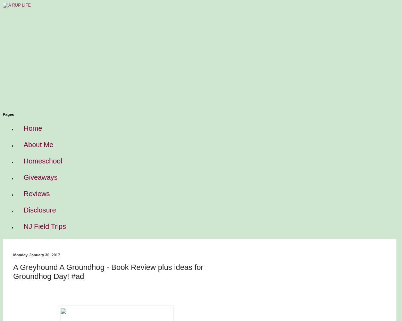  Describe the element at coordinates (40, 210) in the screenshot. I see `'Disclosure'` at that location.